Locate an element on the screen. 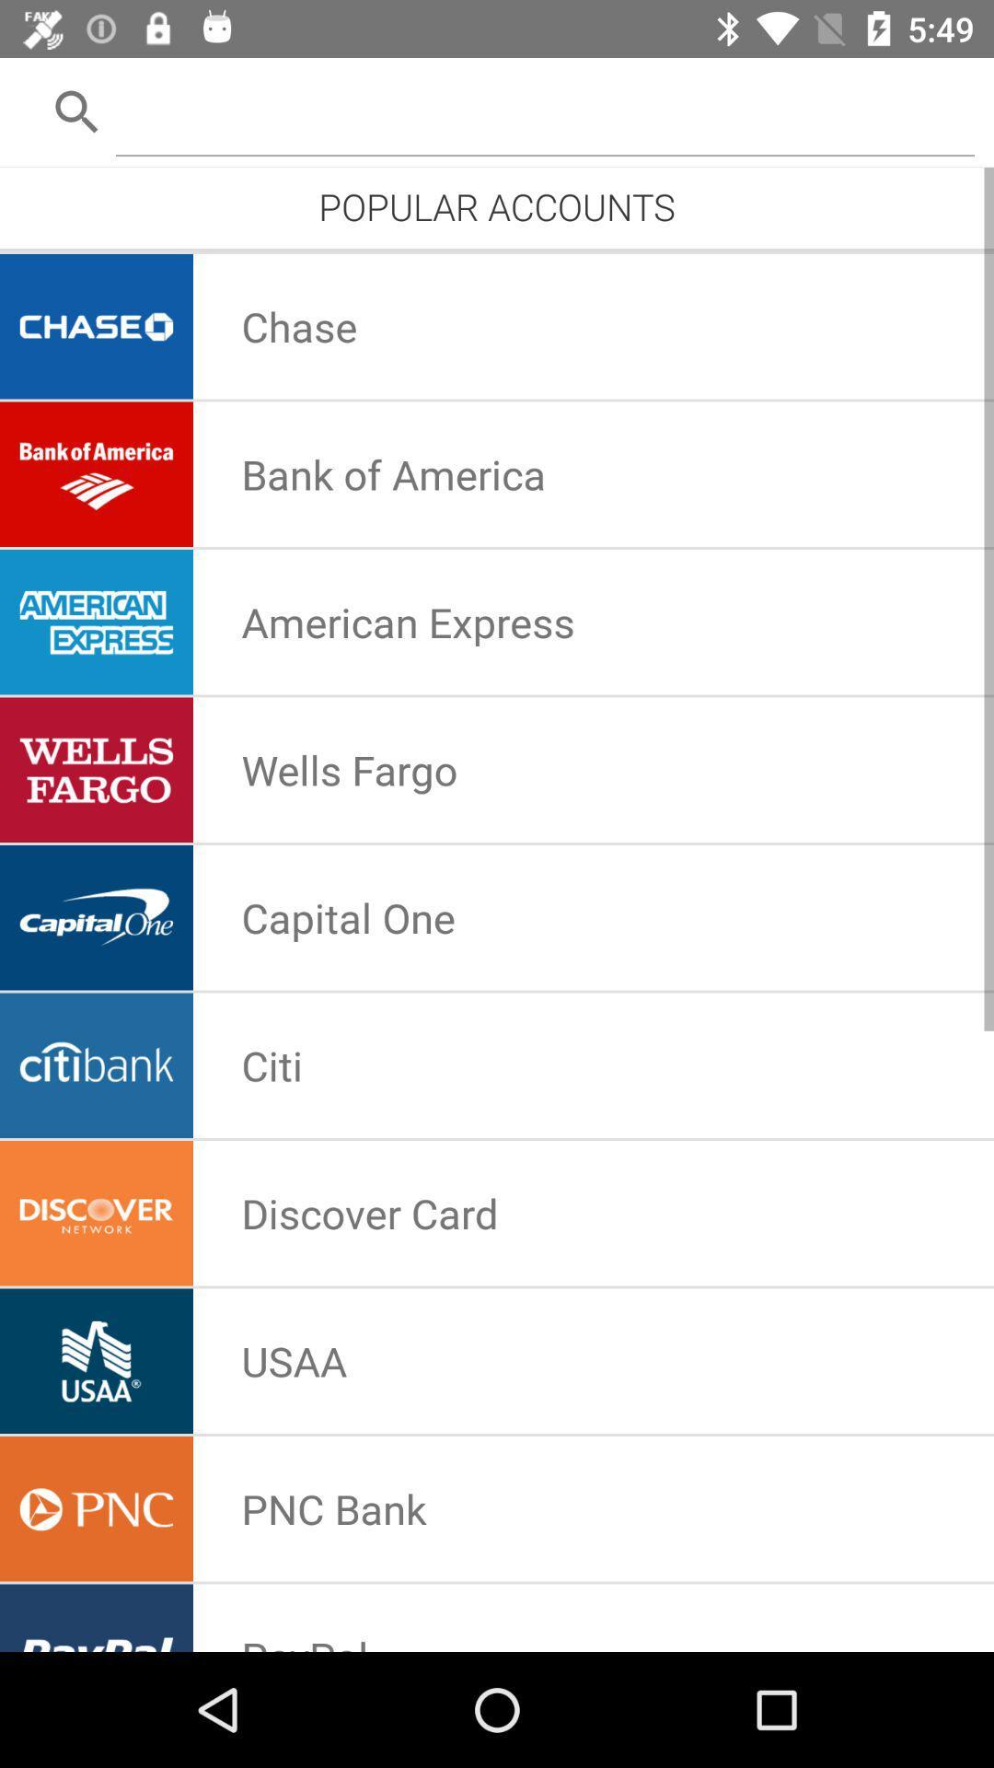 The image size is (994, 1768). item below the discover card app is located at coordinates (293, 1361).